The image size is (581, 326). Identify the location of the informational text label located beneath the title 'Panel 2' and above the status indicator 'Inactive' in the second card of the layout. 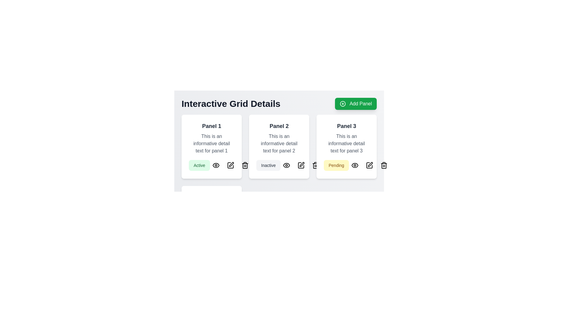
(279, 143).